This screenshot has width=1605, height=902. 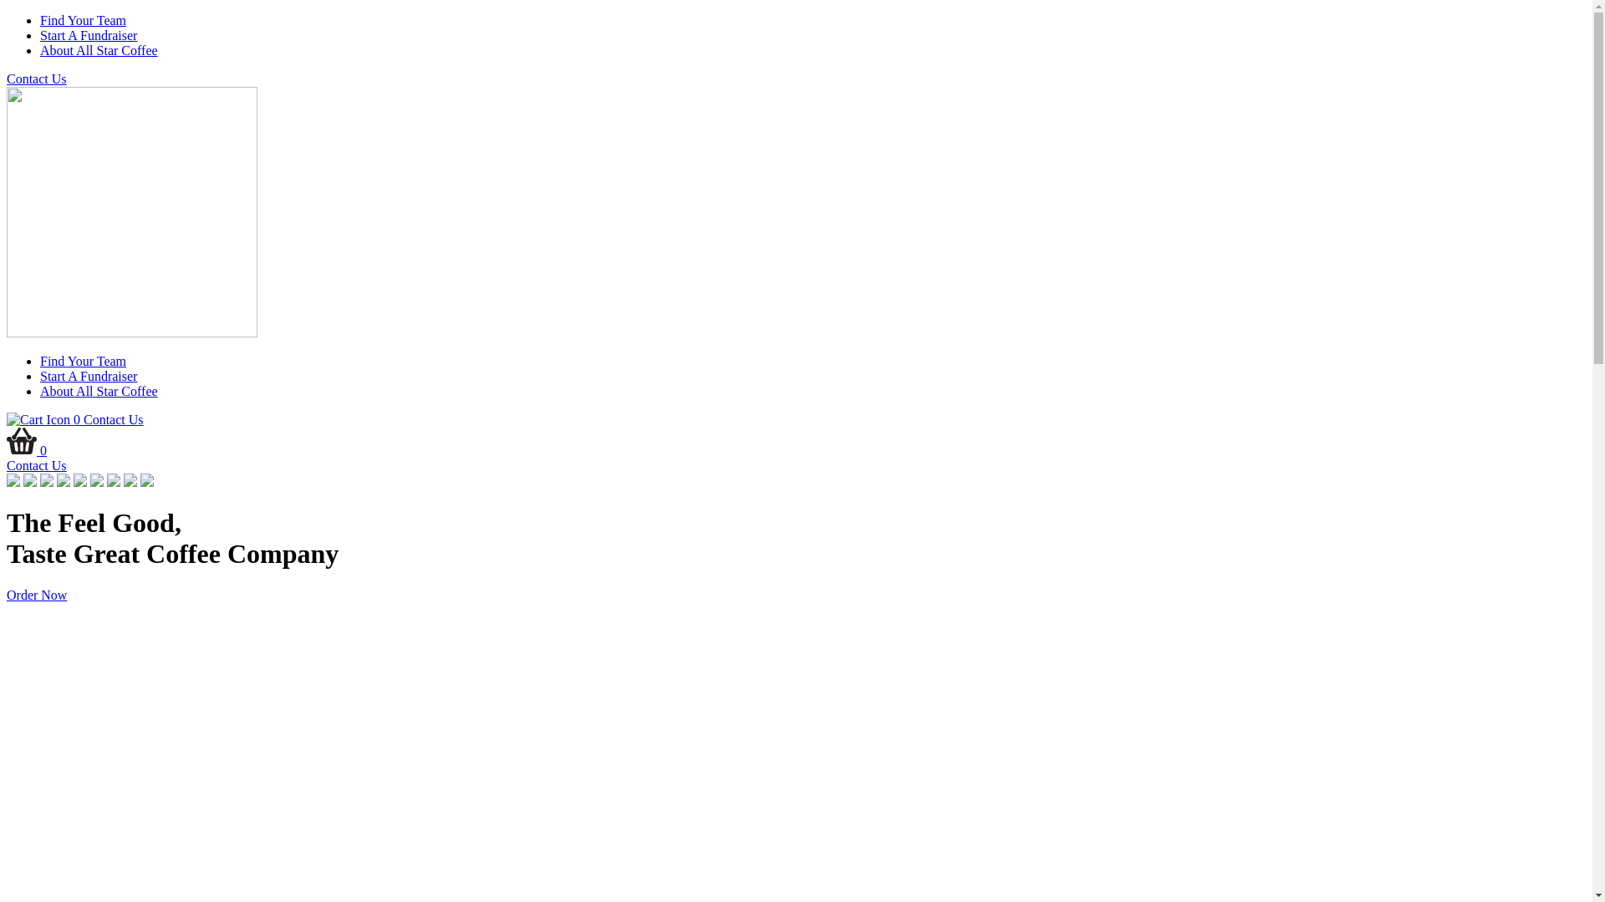 I want to click on 'Find Your Team', so click(x=82, y=360).